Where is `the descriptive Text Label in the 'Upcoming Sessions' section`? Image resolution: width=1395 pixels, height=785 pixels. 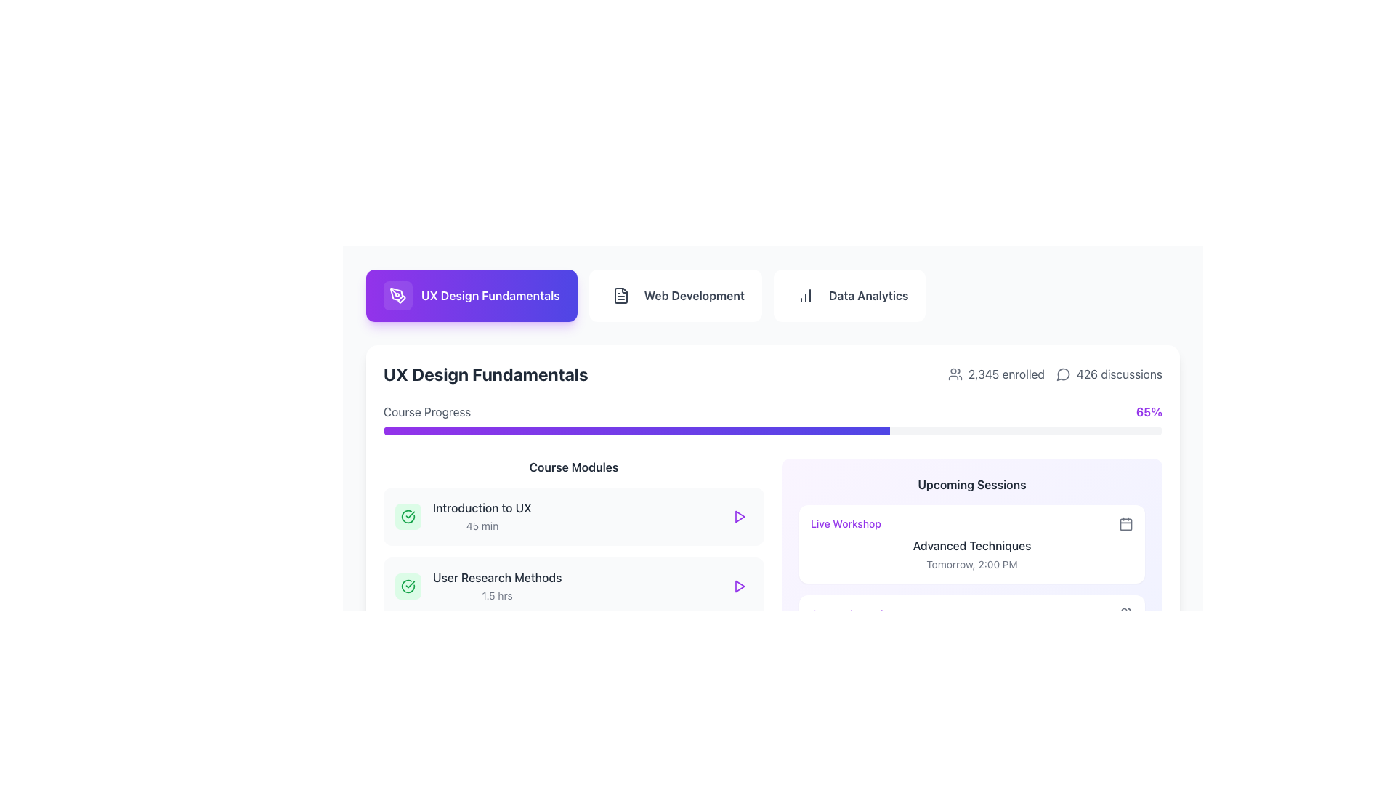 the descriptive Text Label in the 'Upcoming Sessions' section is located at coordinates (846, 524).